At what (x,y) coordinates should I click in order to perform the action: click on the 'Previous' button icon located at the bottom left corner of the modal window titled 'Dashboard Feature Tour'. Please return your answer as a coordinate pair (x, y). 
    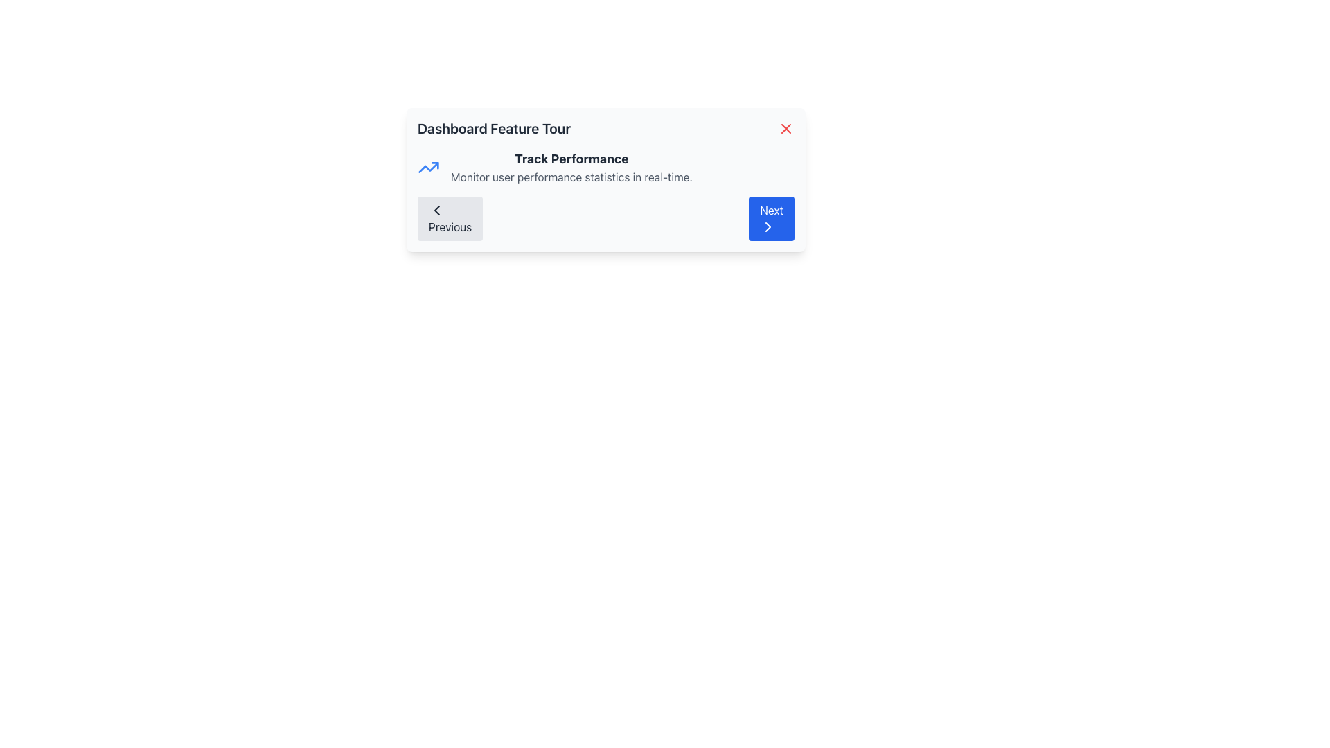
    Looking at the image, I should click on (436, 211).